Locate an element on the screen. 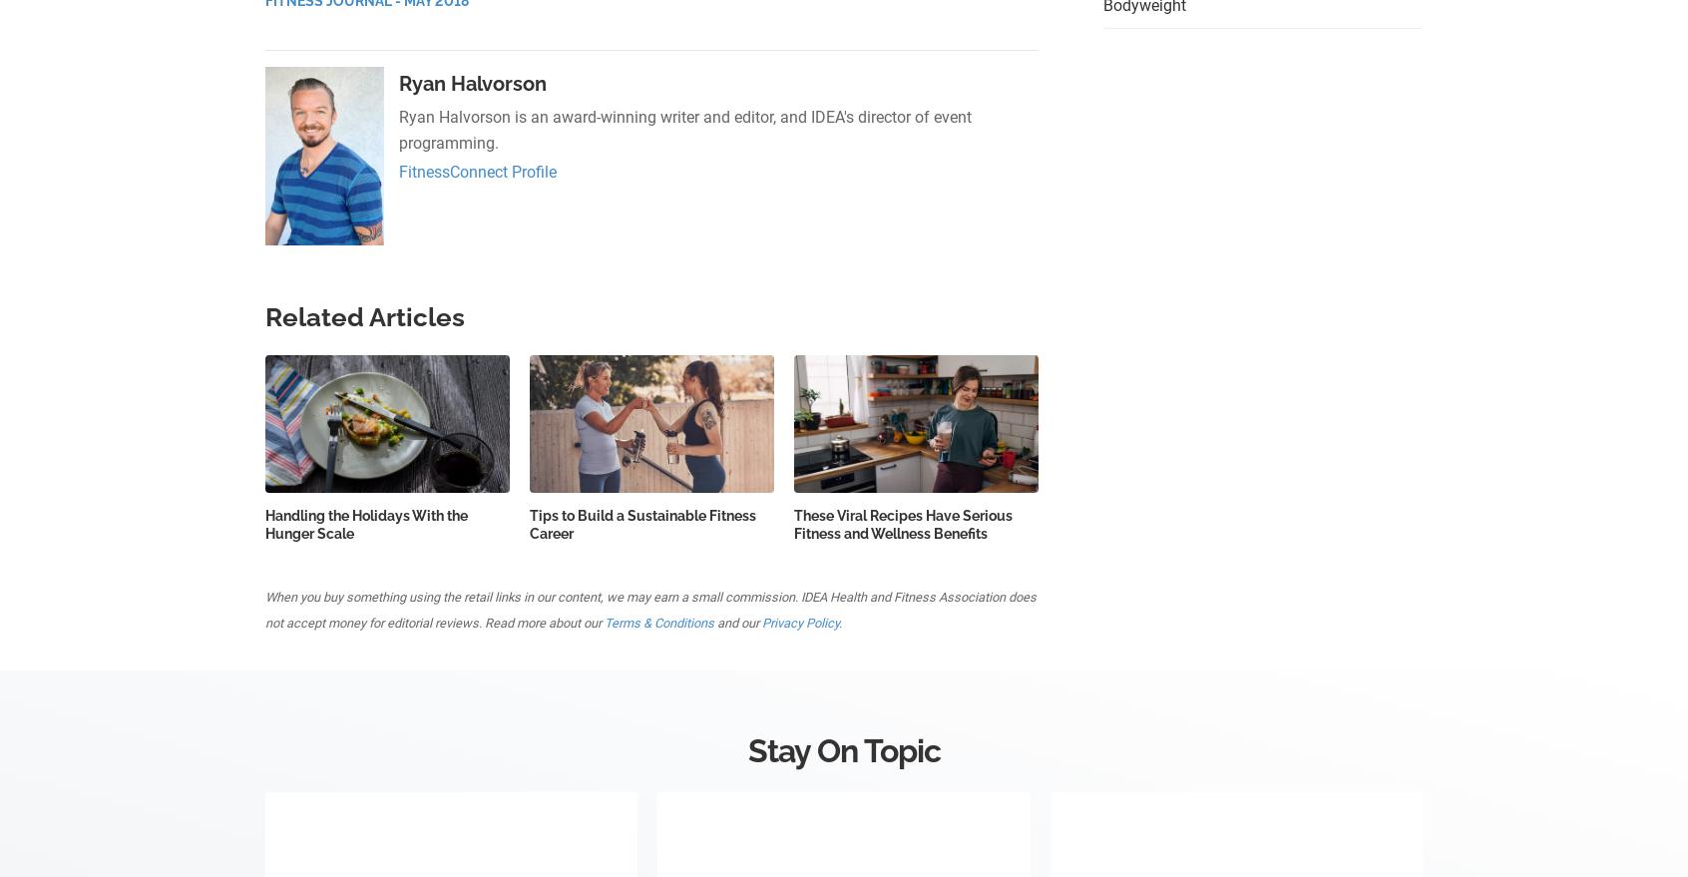 The image size is (1688, 877). 'When you buy something using the retail links in our content, we may earn a small commission. IDEA Health and Fitness Association does not accept money for editorial reviews. Read more about our' is located at coordinates (264, 609).